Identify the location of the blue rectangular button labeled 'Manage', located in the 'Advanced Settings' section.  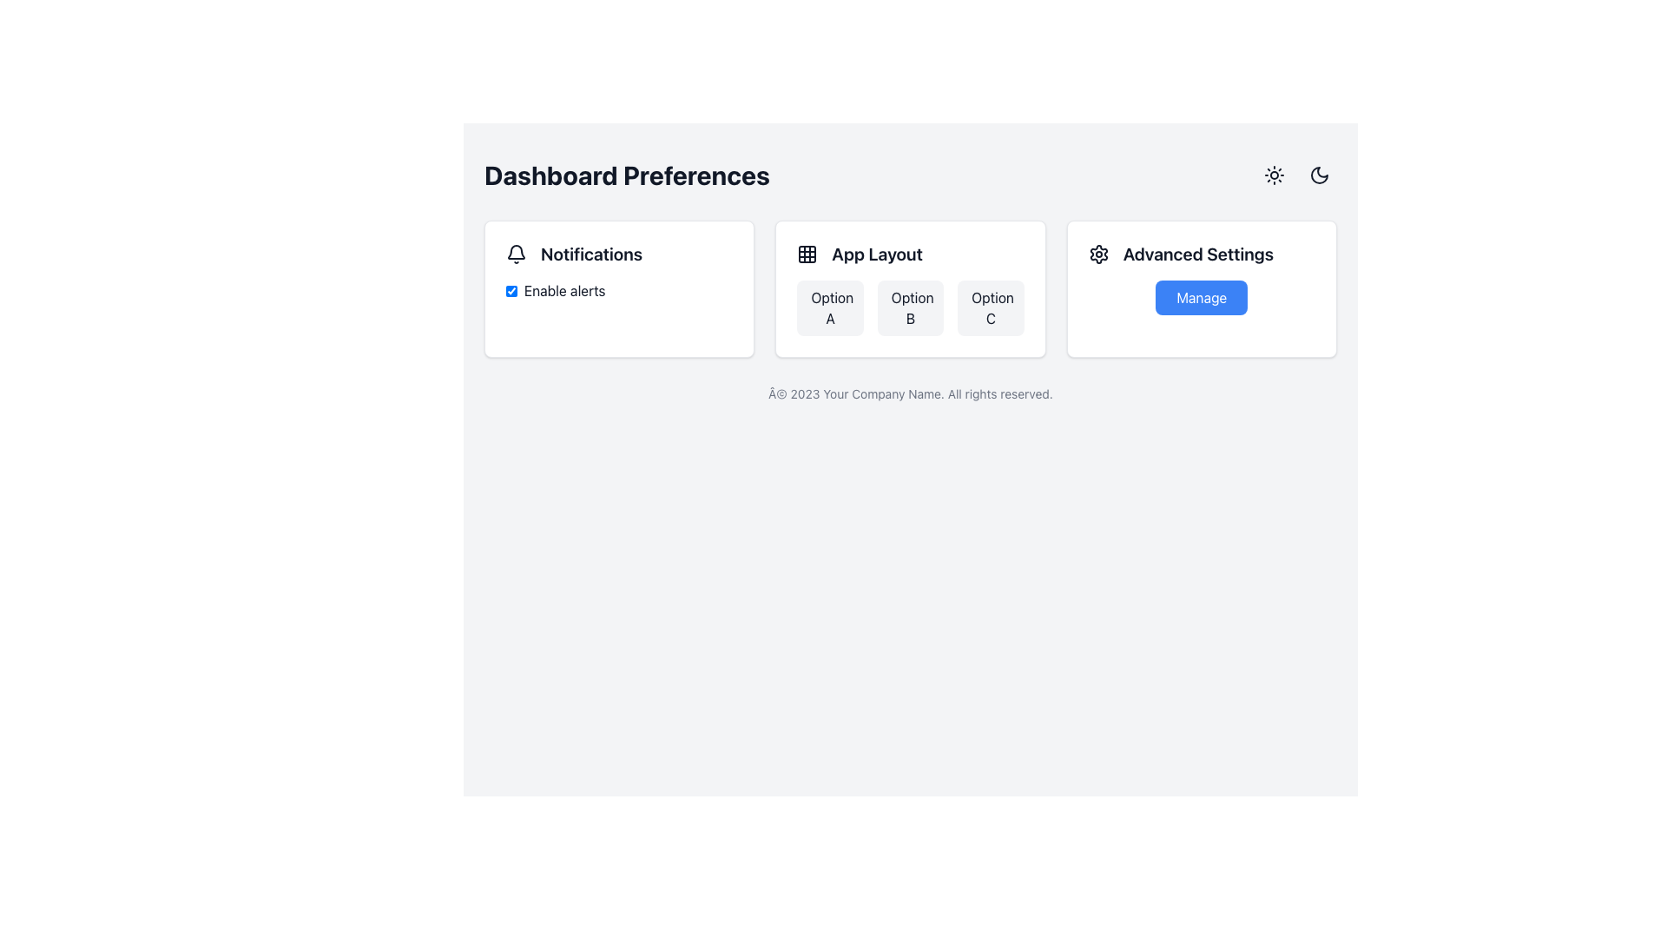
(1201, 297).